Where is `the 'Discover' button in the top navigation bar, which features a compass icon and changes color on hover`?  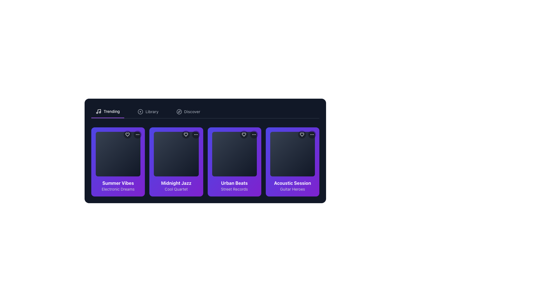 the 'Discover' button in the top navigation bar, which features a compass icon and changes color on hover is located at coordinates (188, 112).